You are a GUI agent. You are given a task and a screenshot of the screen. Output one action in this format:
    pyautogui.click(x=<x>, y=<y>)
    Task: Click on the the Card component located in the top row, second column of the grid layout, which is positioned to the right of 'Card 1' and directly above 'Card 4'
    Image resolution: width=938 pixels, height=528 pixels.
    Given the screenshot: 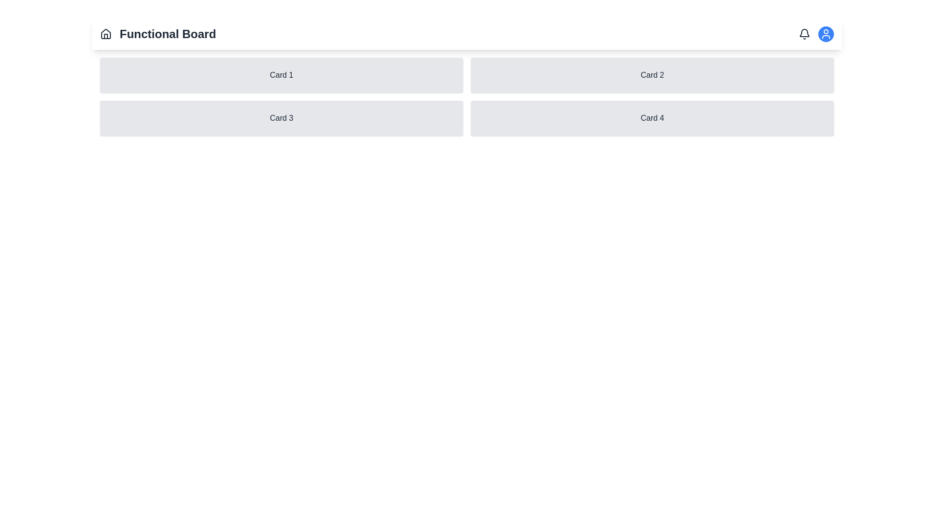 What is the action you would take?
    pyautogui.click(x=652, y=75)
    